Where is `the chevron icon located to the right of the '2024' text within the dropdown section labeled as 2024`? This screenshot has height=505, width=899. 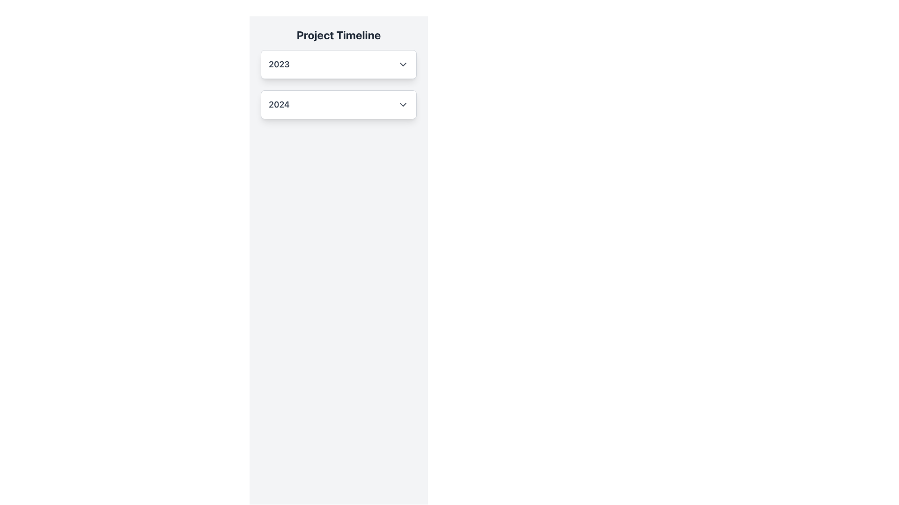 the chevron icon located to the right of the '2024' text within the dropdown section labeled as 2024 is located at coordinates (403, 104).